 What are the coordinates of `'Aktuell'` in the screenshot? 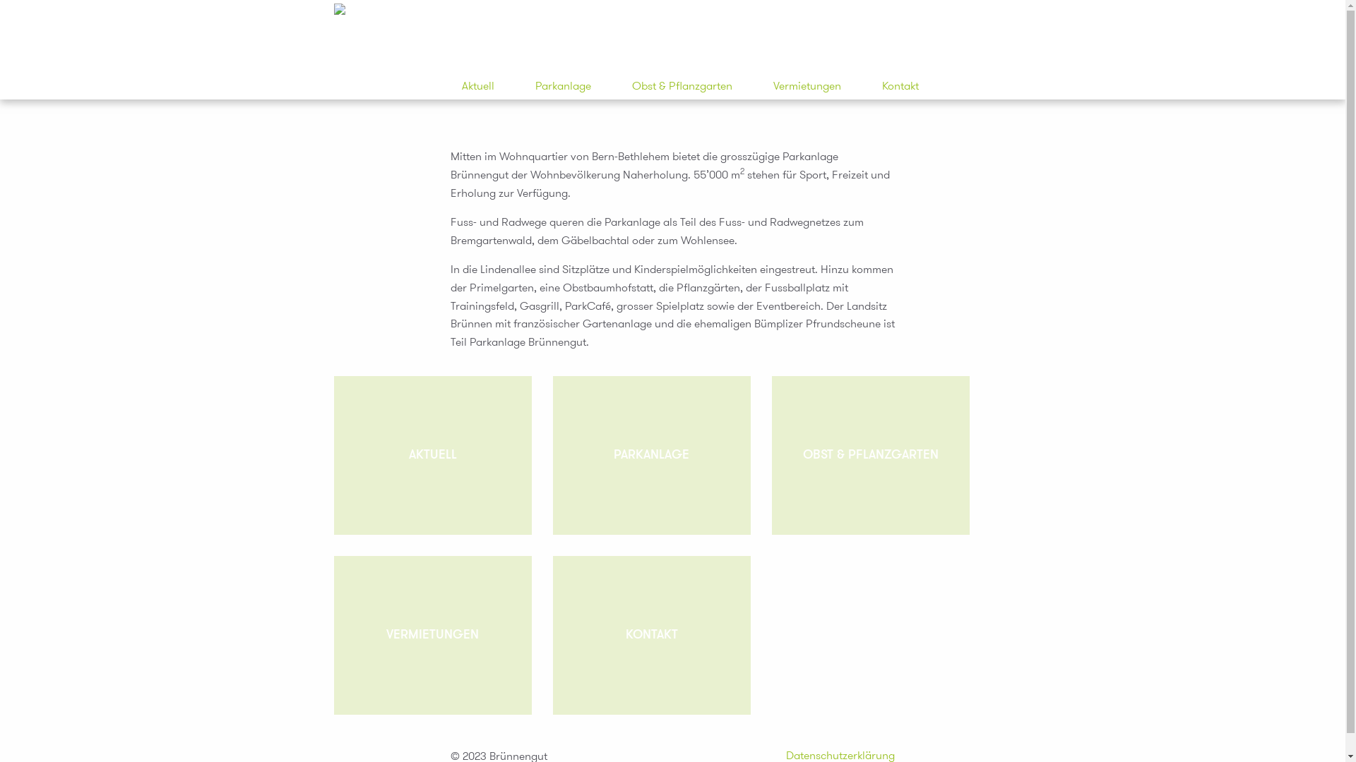 It's located at (477, 86).